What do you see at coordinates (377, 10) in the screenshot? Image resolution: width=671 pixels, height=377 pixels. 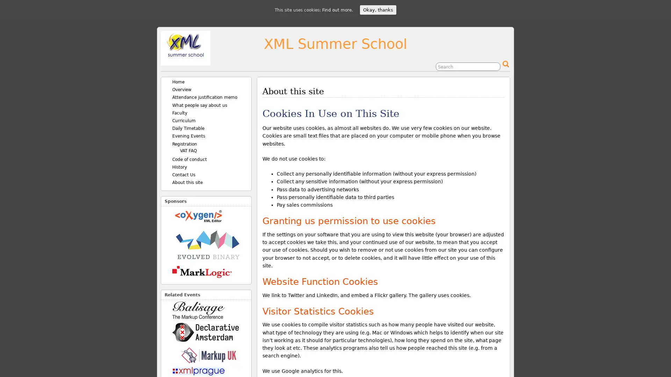 I see `Okay, thanks` at bounding box center [377, 10].